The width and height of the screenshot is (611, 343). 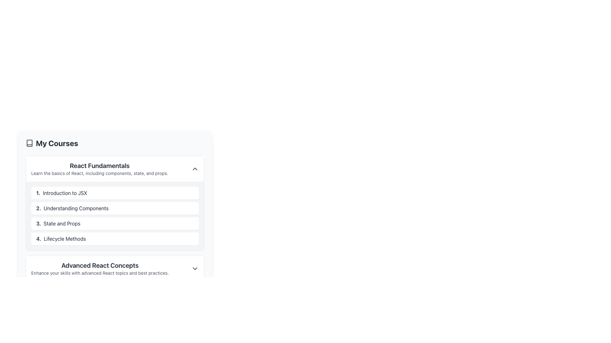 I want to click on the 'Advanced React Concepts' expandable list item, so click(x=115, y=268).